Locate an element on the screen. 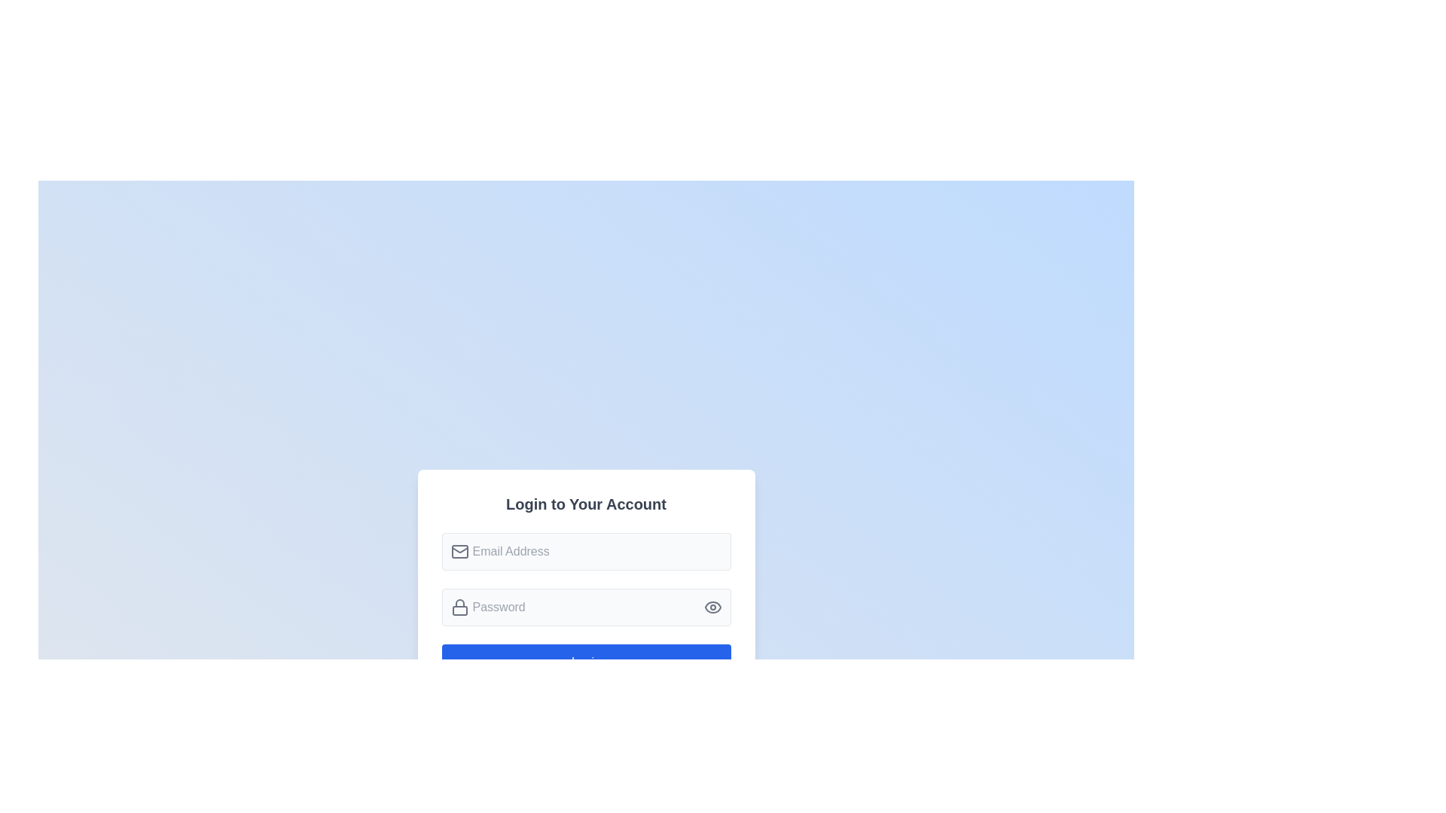 The height and width of the screenshot is (813, 1446). the base rectangle of the lock icon, which symbolizes security and is located near the password input field is located at coordinates (459, 611).